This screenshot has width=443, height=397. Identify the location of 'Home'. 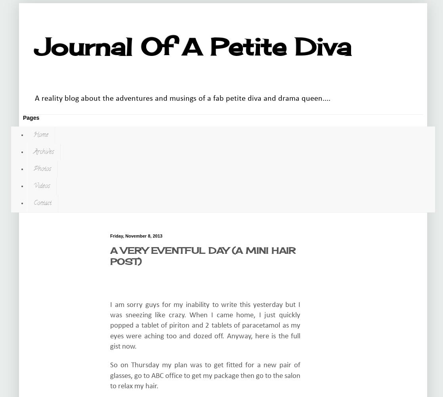
(40, 135).